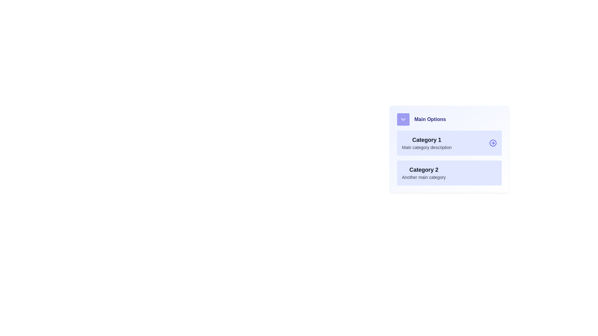  What do you see at coordinates (492, 143) in the screenshot?
I see `the center of the circular arrow icon located on the right side of the entry labeled 'Category 1' in the options list` at bounding box center [492, 143].